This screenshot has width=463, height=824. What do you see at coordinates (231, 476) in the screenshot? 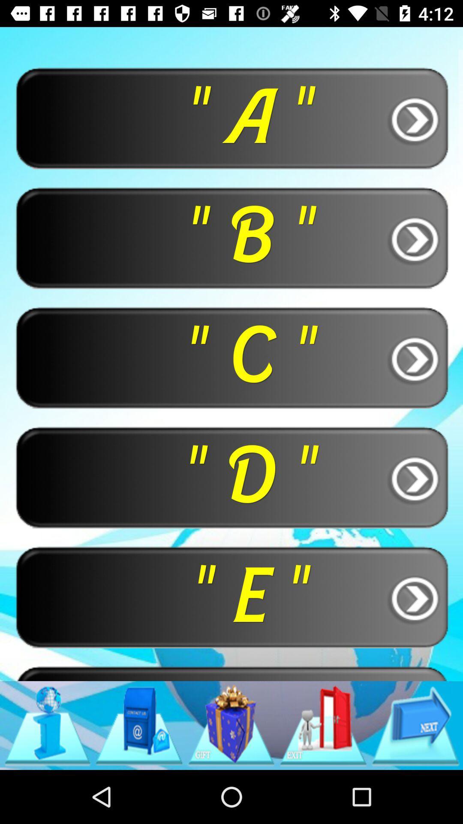
I see `the button below the   " c " item` at bounding box center [231, 476].